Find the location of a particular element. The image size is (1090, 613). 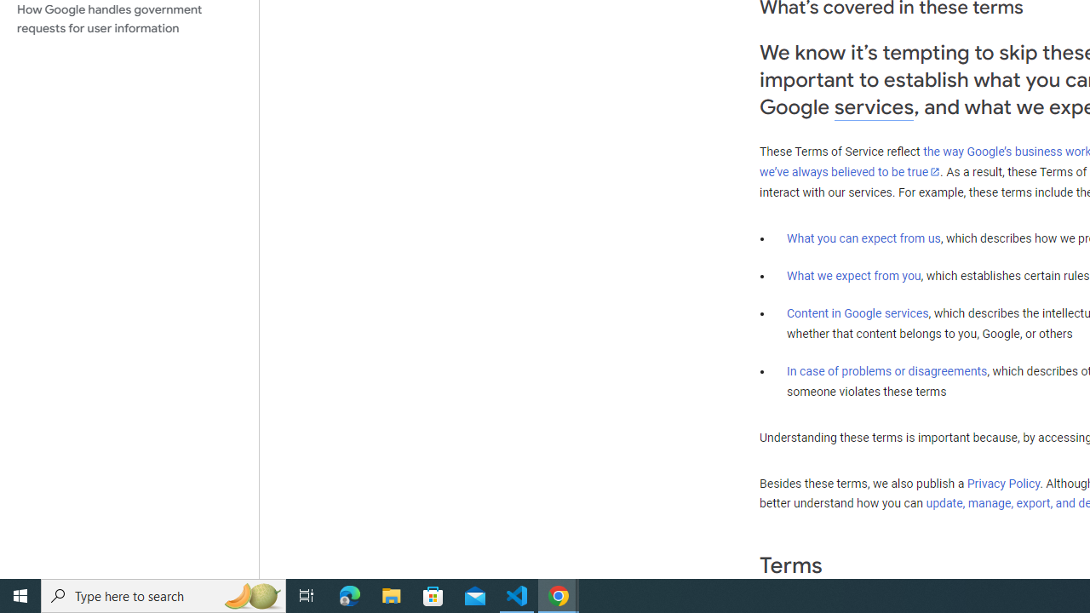

'Content in Google services' is located at coordinates (858, 313).